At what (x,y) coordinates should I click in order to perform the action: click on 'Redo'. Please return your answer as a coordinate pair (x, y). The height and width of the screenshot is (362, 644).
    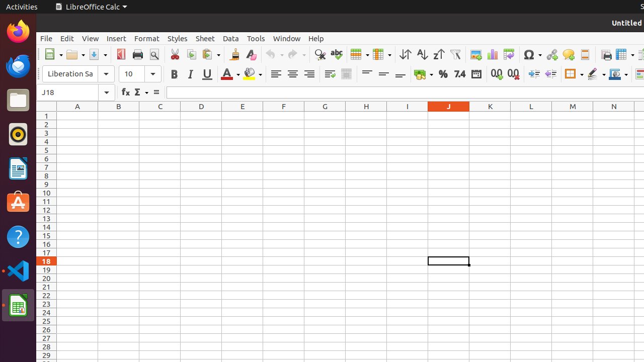
    Looking at the image, I should click on (296, 54).